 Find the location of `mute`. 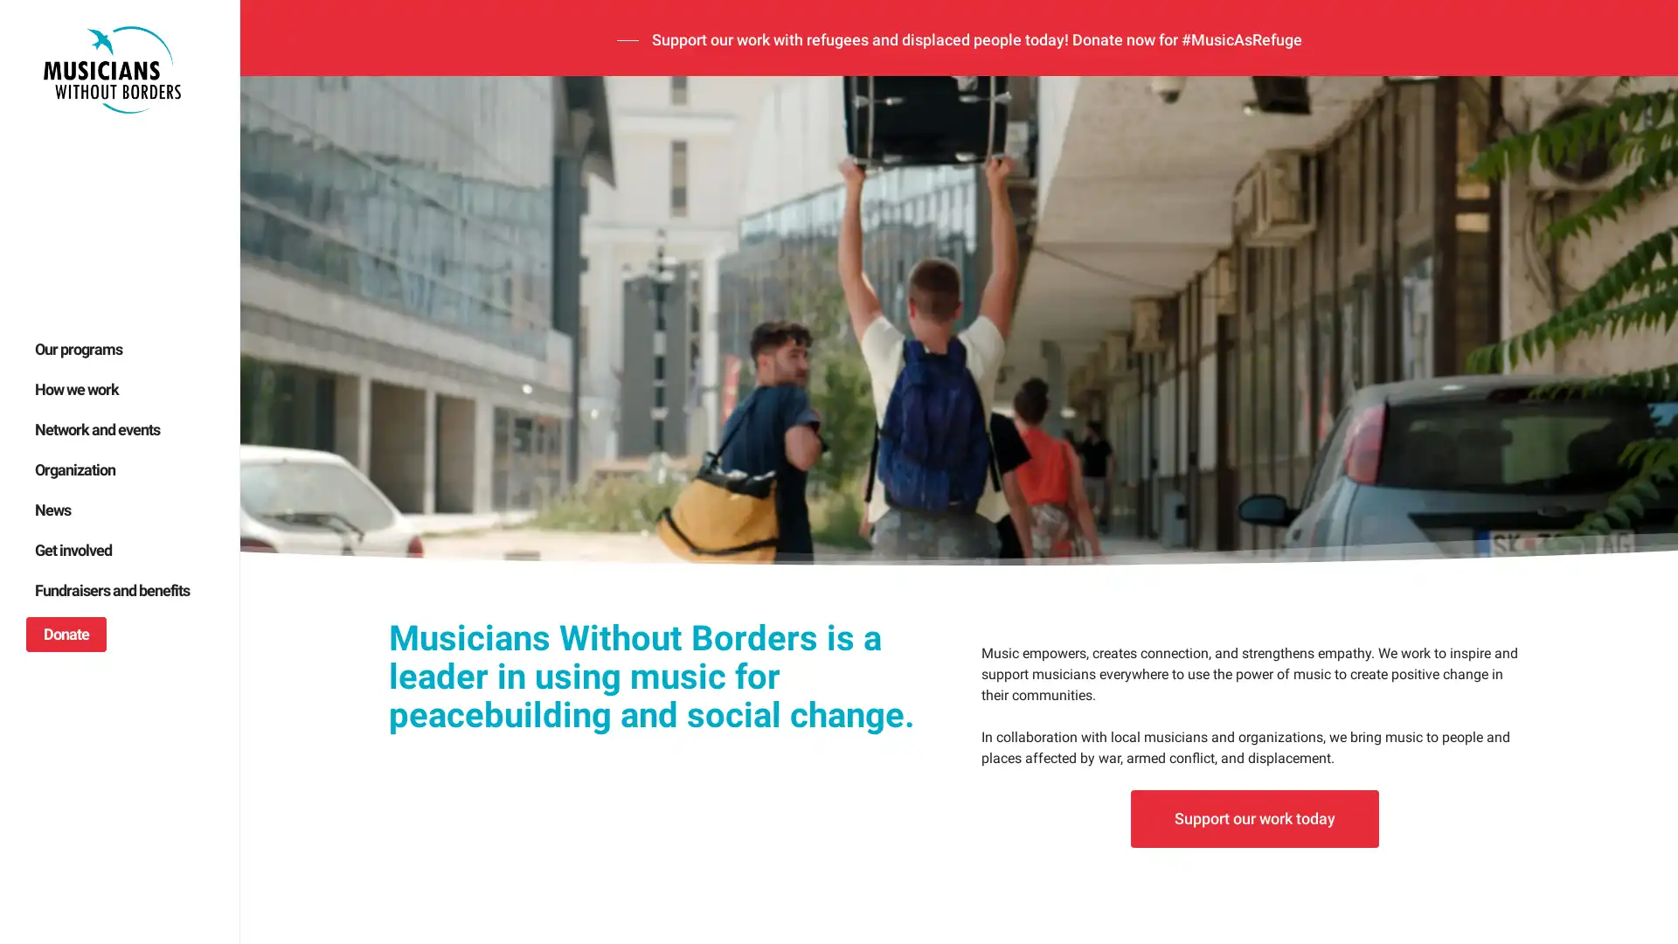

mute is located at coordinates (1522, 692).